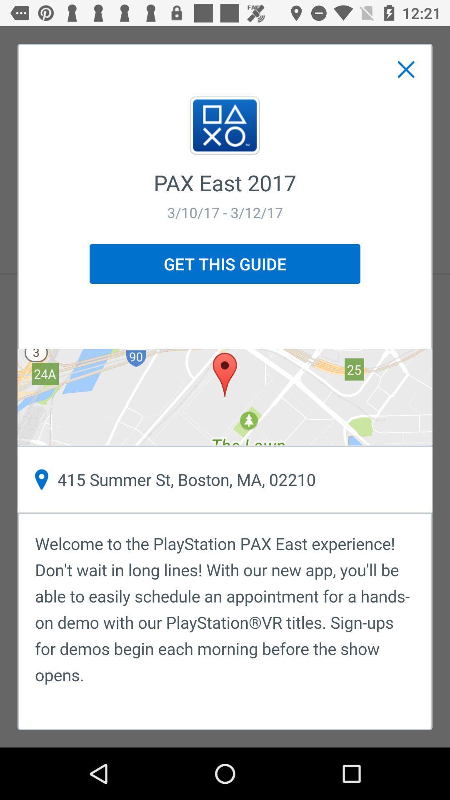 This screenshot has width=450, height=800. What do you see at coordinates (406, 70) in the screenshot?
I see `the item at the top right corner` at bounding box center [406, 70].